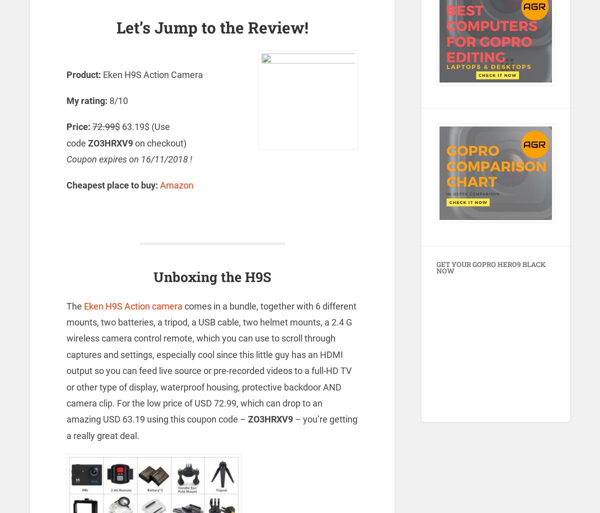 The height and width of the screenshot is (513, 600). Describe the element at coordinates (128, 158) in the screenshot. I see `'Coupon expires on 16/11/2018 !'` at that location.